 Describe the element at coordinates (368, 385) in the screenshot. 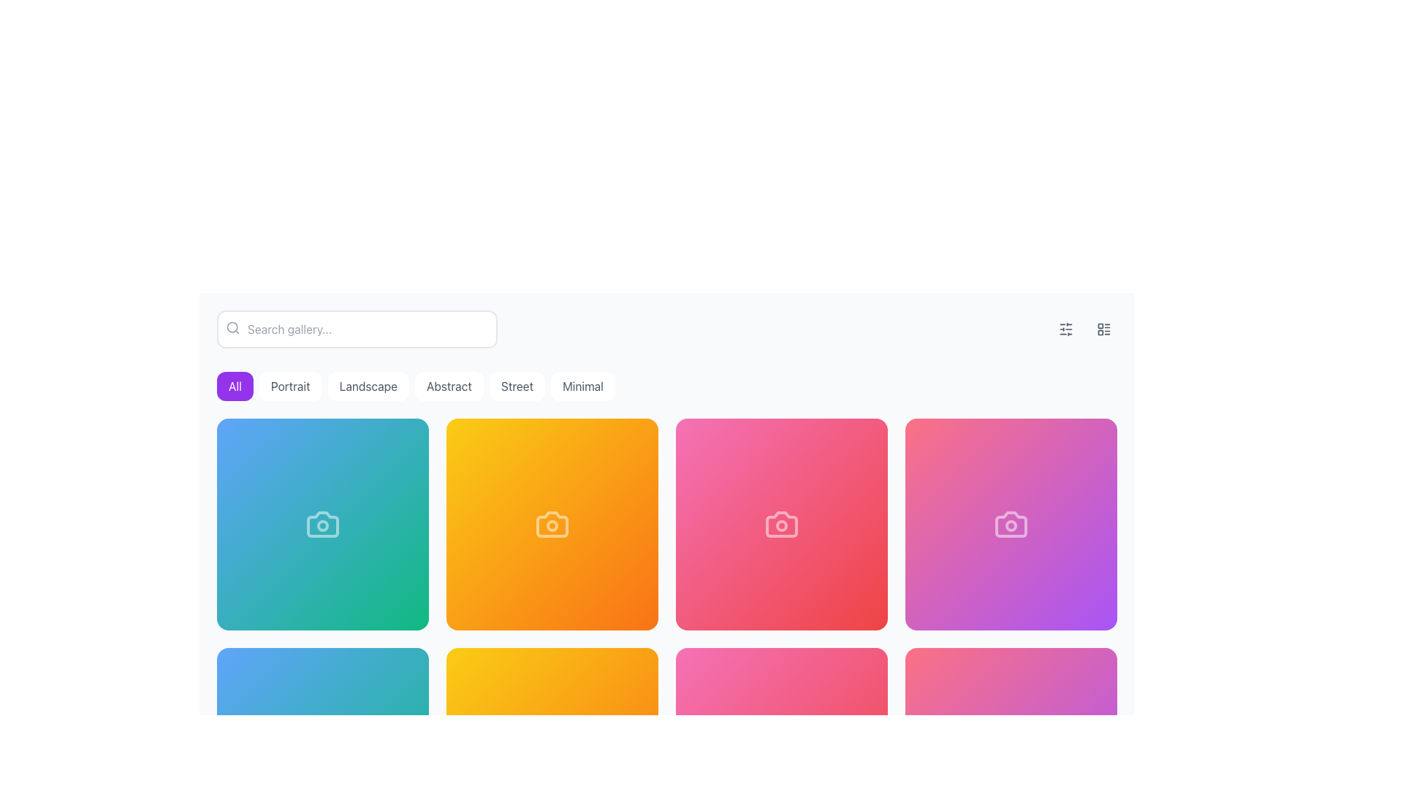

I see `the 'Landscape' button, which is the third button in a horizontal set of six buttons` at that location.